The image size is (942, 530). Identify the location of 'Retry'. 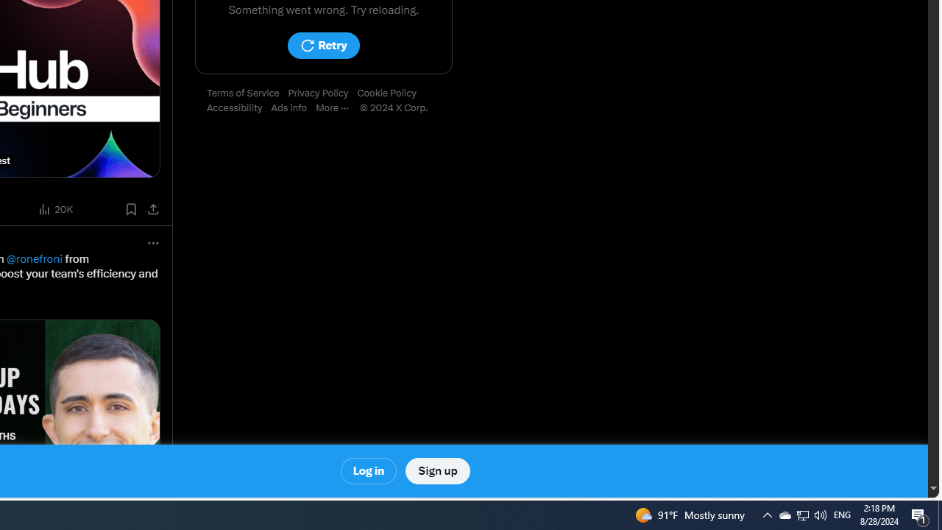
(322, 45).